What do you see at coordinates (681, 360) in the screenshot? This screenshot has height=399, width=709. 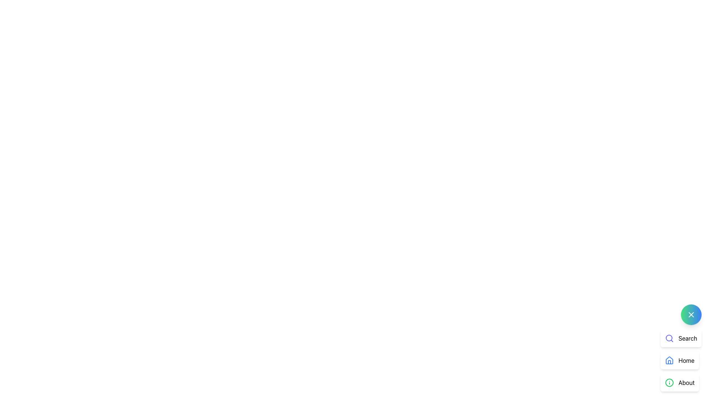 I see `the 'Home' button located in the bottom-right sidebar` at bounding box center [681, 360].